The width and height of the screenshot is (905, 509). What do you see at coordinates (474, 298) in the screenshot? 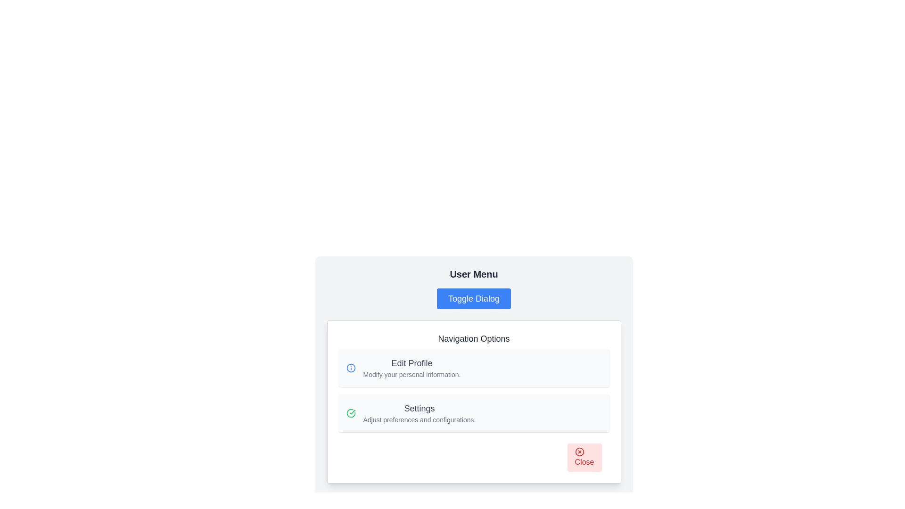
I see `the interactive button located under the 'User Menu' heading` at bounding box center [474, 298].